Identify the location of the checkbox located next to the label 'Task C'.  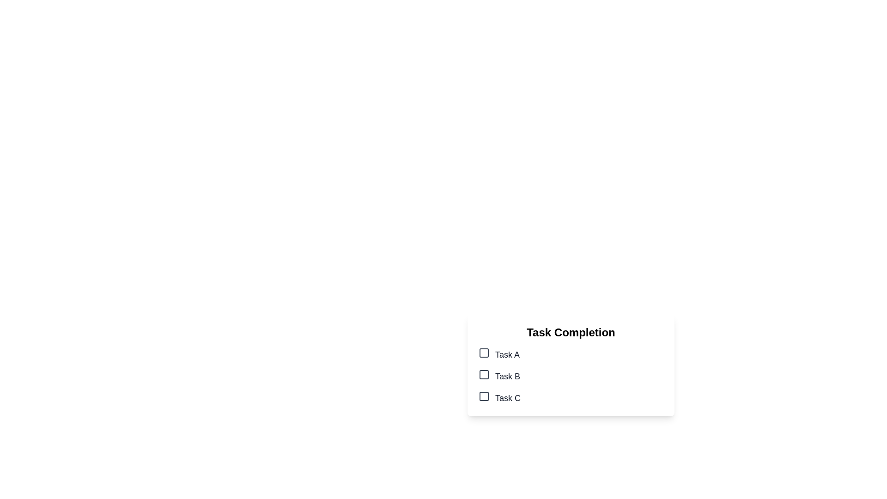
(483, 396).